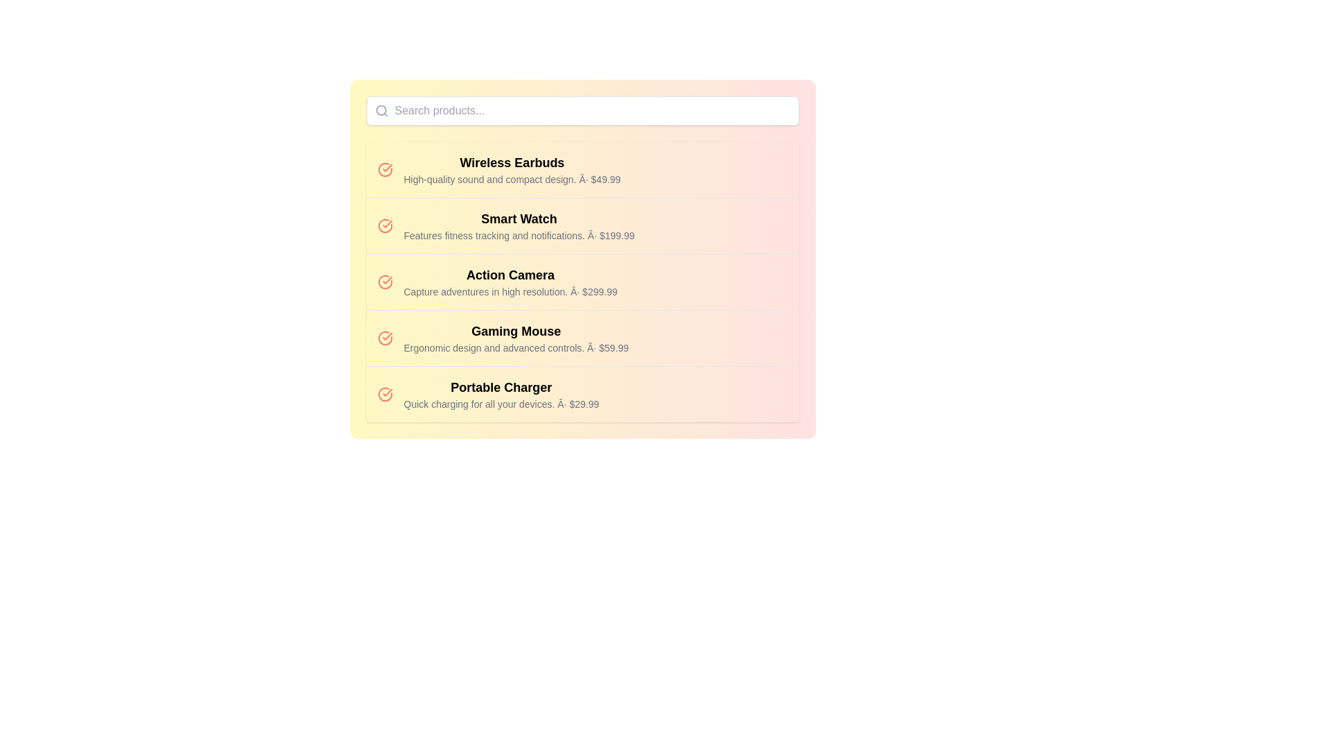 Image resolution: width=1331 pixels, height=749 pixels. I want to click on the first product listing for 'Wireless Earbuds', so click(582, 169).